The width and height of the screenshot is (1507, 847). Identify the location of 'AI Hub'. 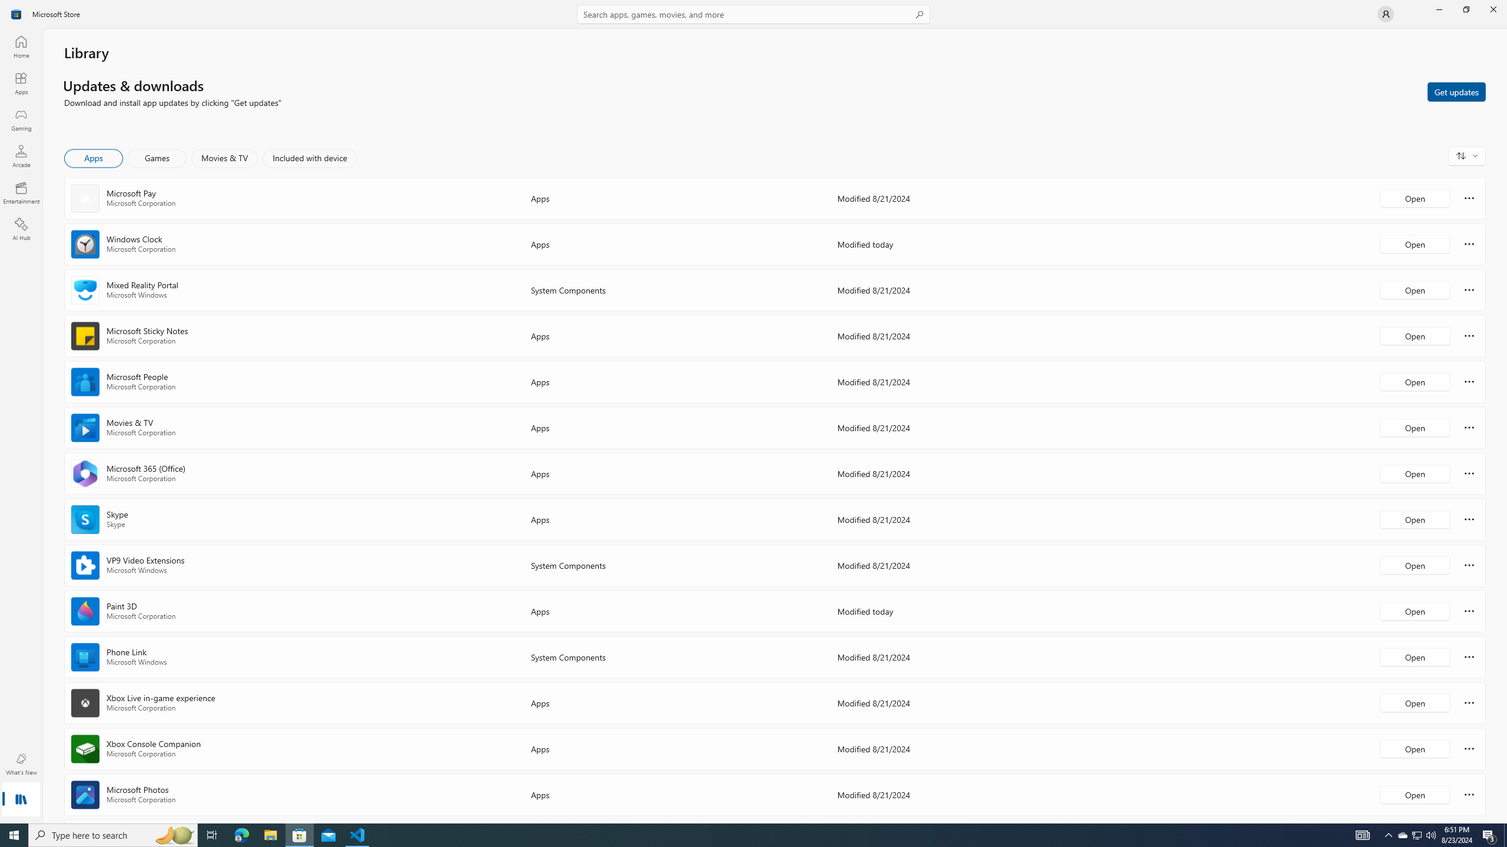
(20, 228).